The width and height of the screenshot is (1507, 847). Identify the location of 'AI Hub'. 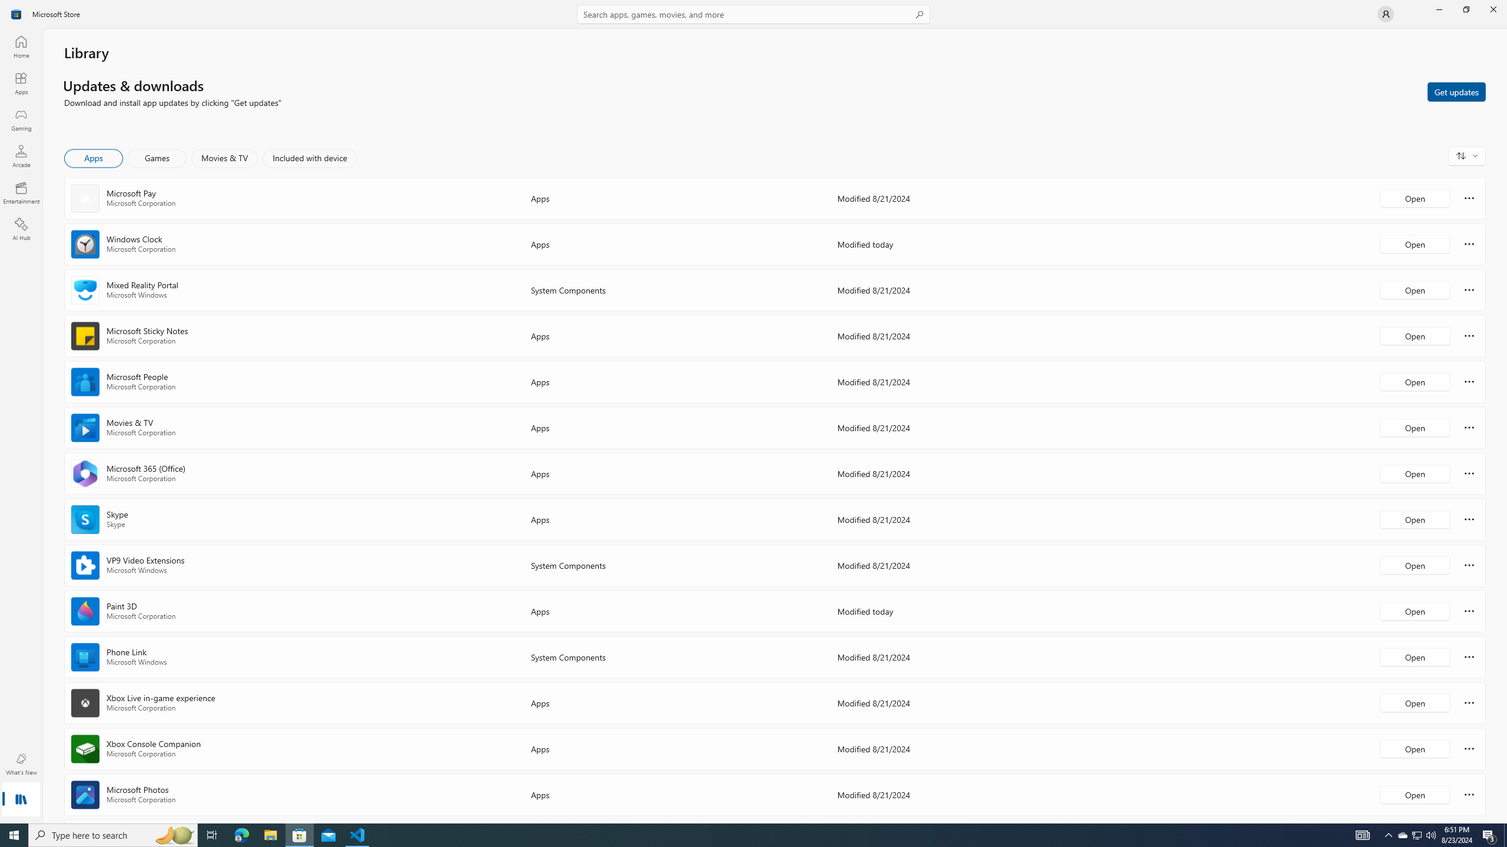
(20, 228).